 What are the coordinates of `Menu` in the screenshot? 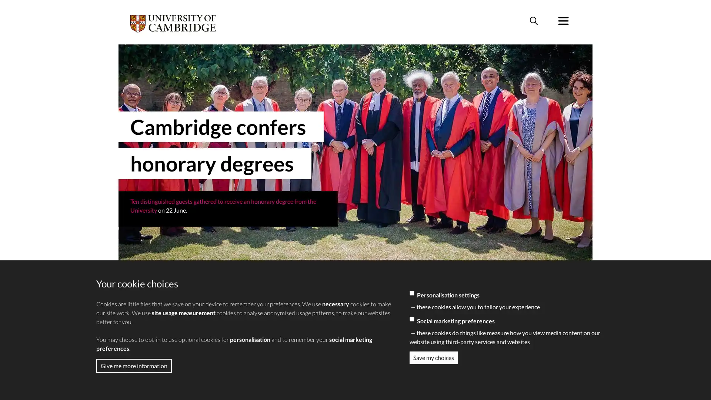 It's located at (565, 21).